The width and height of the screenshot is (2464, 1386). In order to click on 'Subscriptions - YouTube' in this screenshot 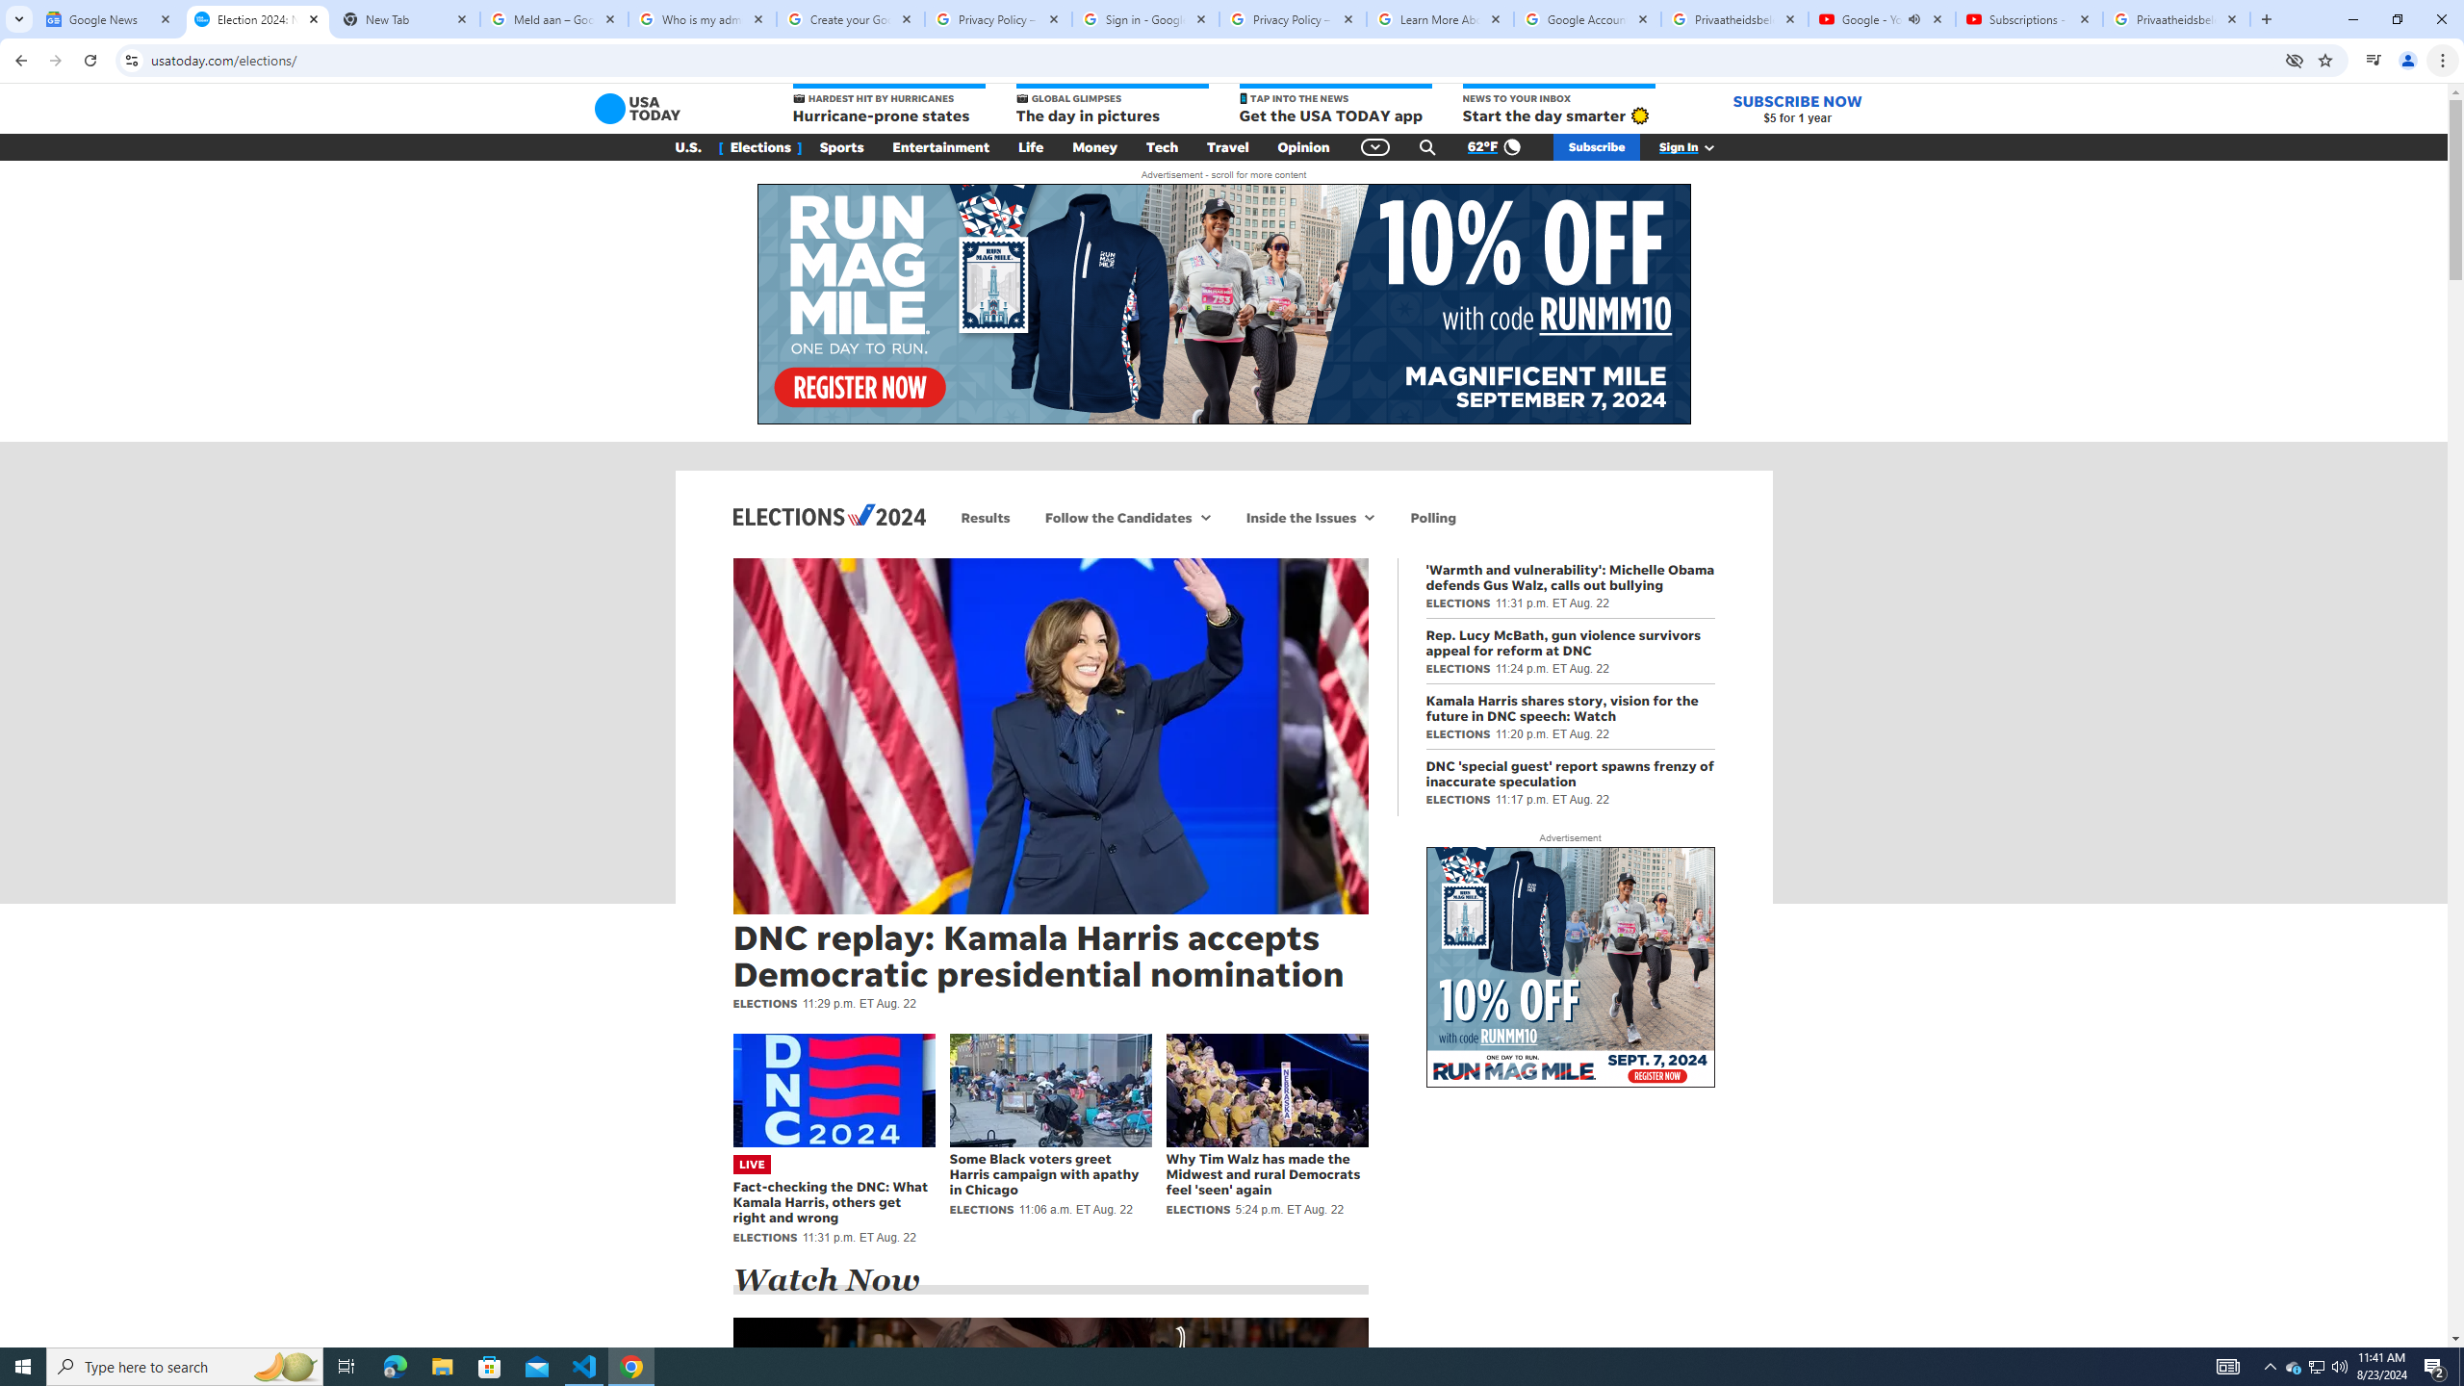, I will do `click(2028, 18)`.